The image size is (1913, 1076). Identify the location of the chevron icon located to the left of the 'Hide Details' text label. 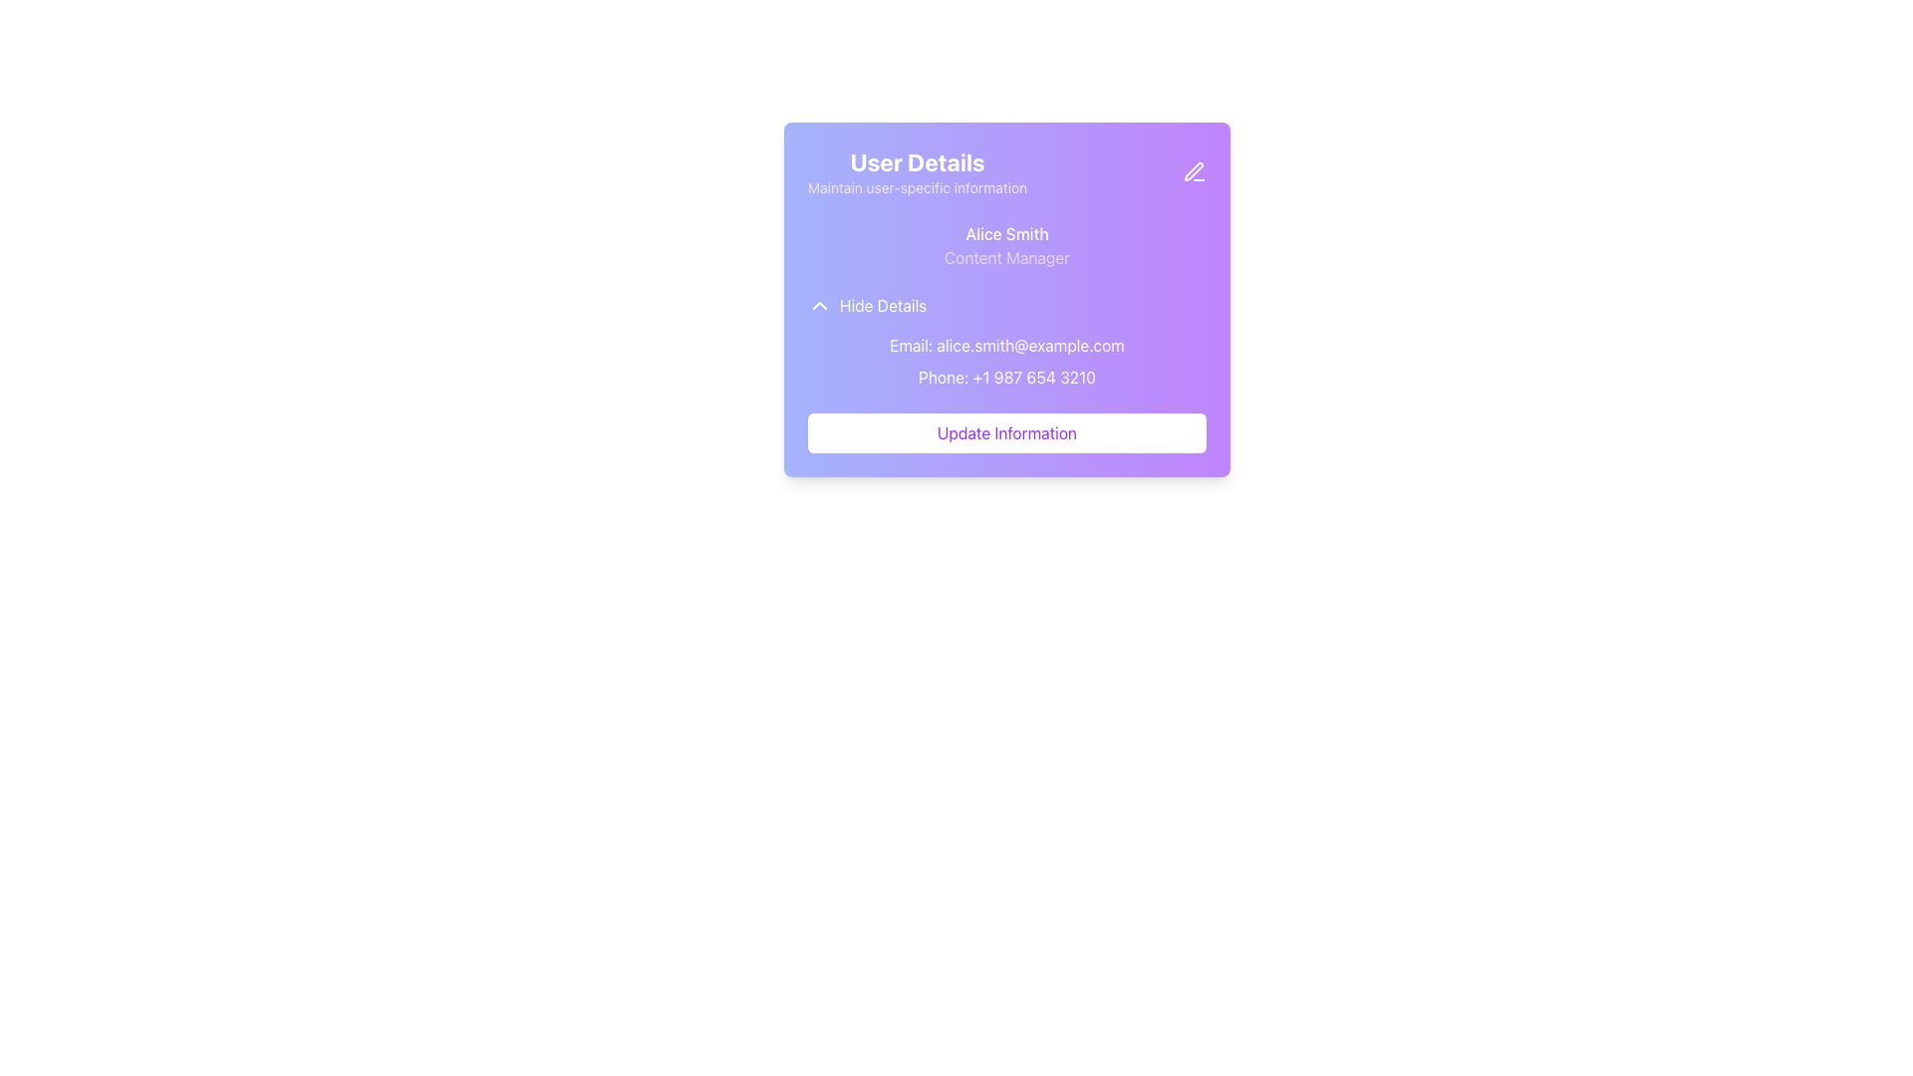
(819, 306).